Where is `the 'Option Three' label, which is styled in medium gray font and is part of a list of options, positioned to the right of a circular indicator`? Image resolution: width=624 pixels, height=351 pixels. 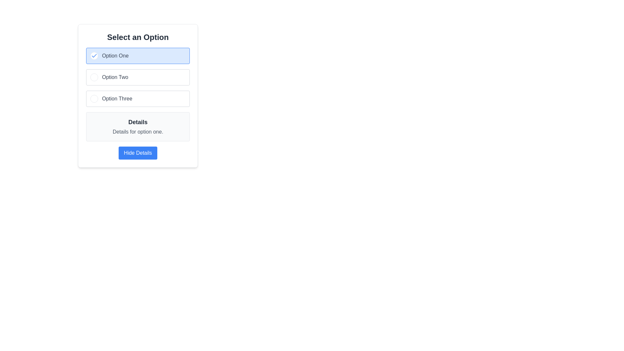 the 'Option Three' label, which is styled in medium gray font and is part of a list of options, positioned to the right of a circular indicator is located at coordinates (117, 99).